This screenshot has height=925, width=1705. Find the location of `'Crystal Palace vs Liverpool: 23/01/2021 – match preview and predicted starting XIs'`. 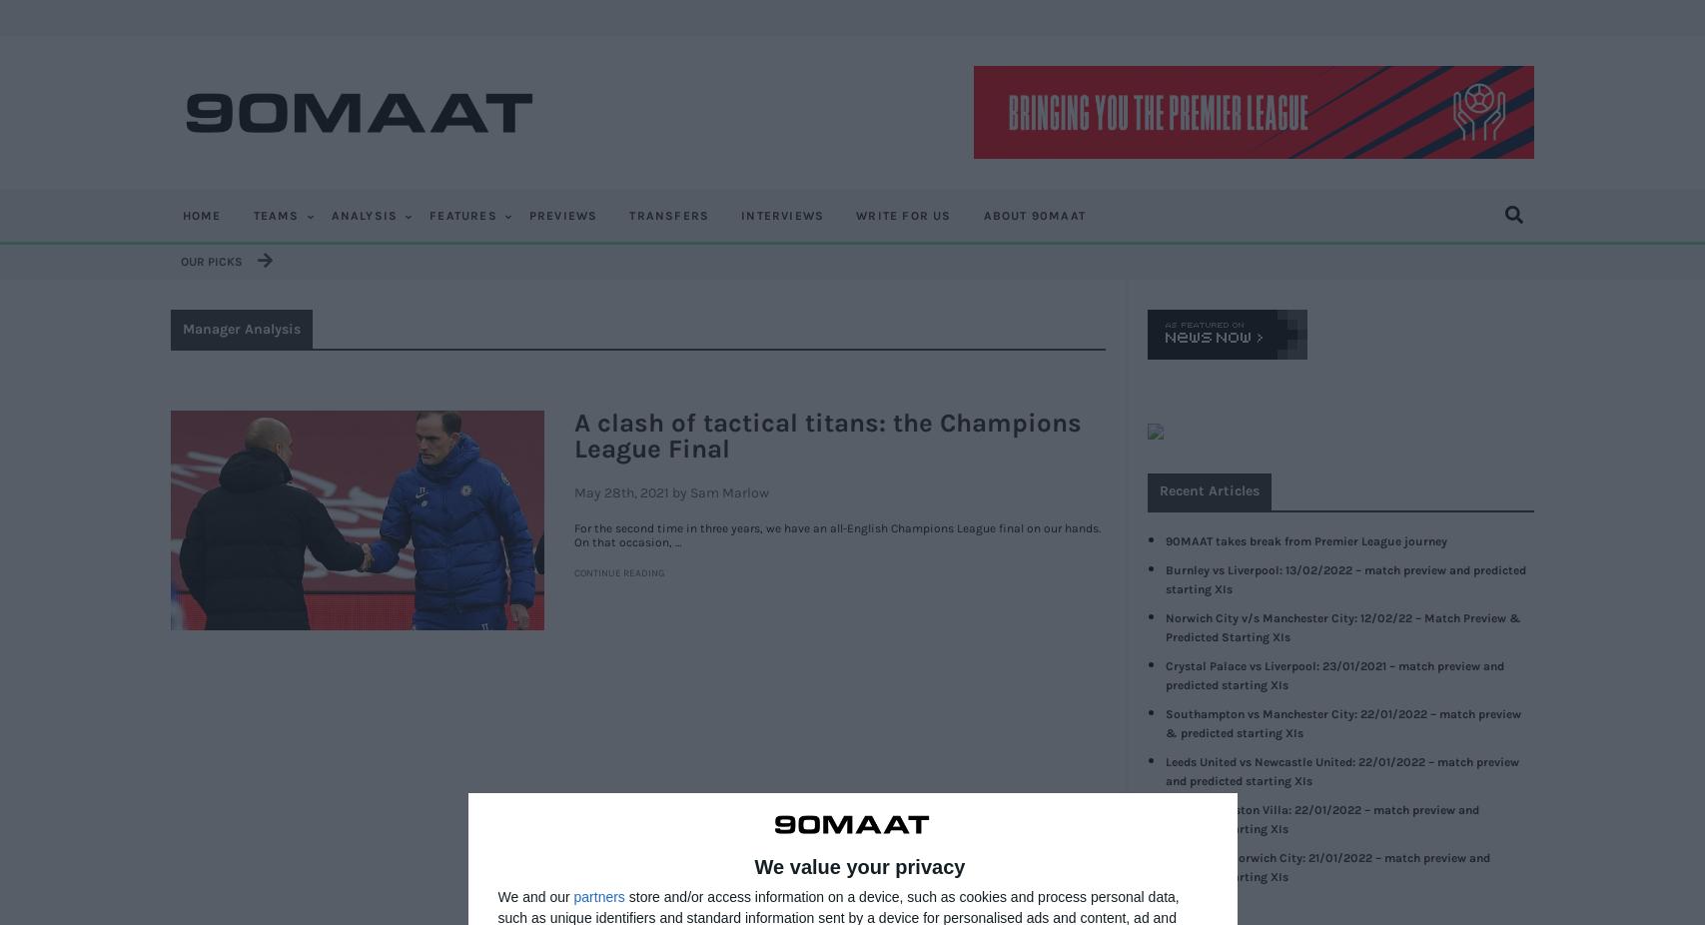

'Crystal Palace vs Liverpool: 23/01/2021 – match preview and predicted starting XIs' is located at coordinates (1332, 673).